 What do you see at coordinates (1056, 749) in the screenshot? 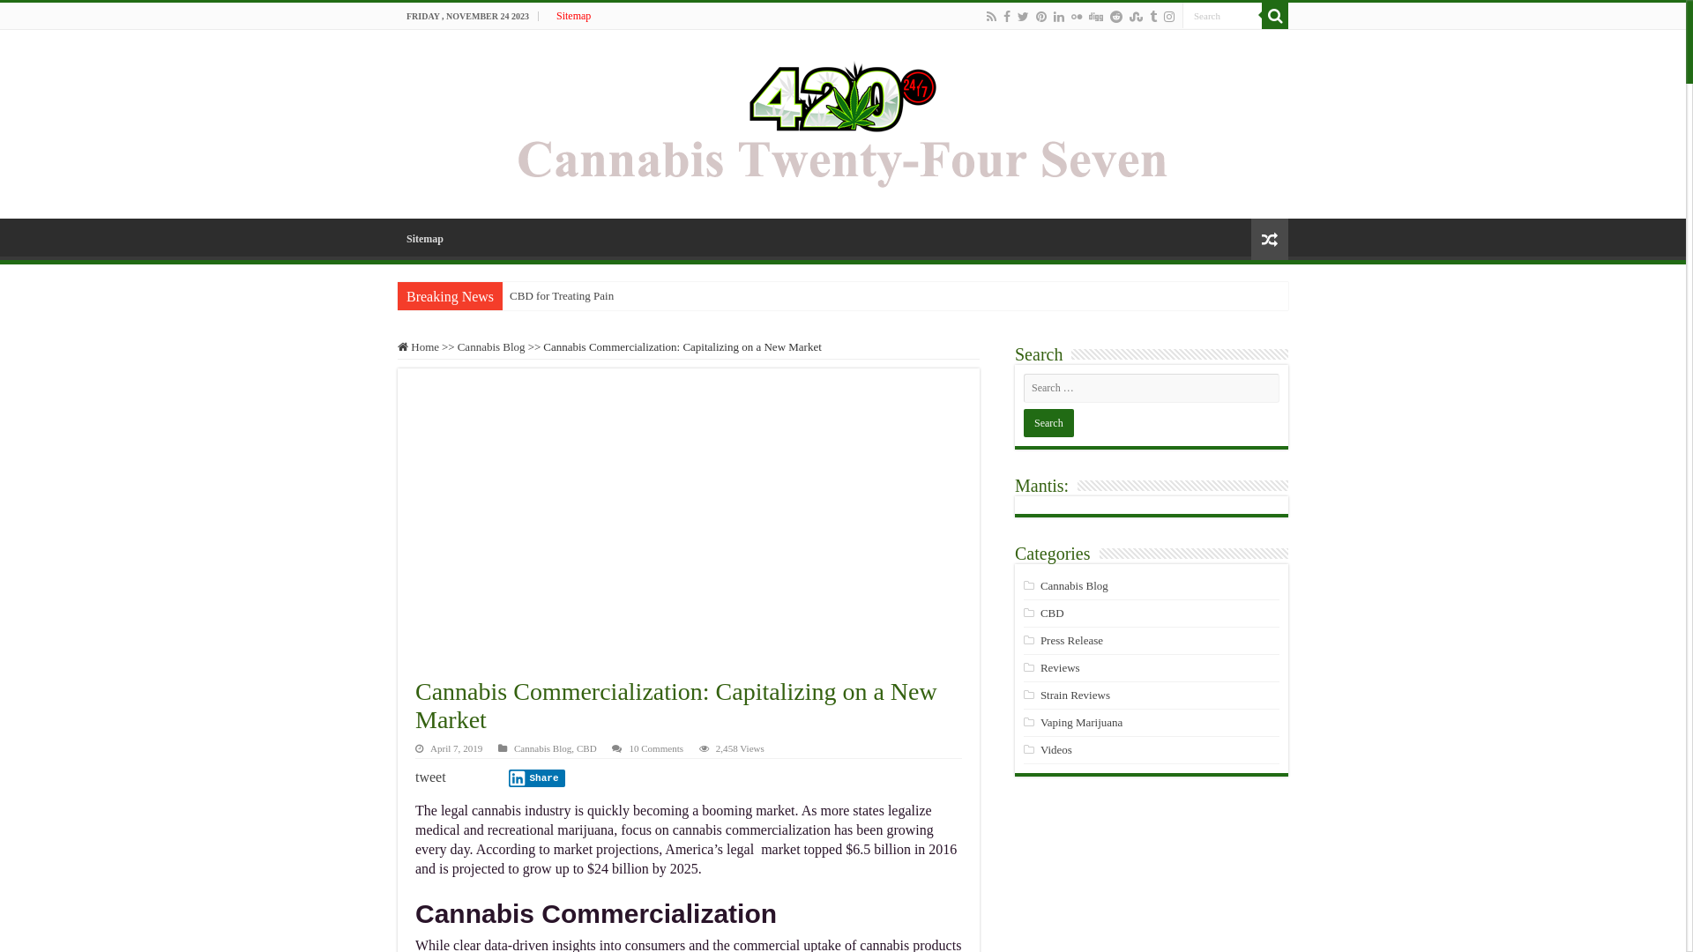
I see `'Videos'` at bounding box center [1056, 749].